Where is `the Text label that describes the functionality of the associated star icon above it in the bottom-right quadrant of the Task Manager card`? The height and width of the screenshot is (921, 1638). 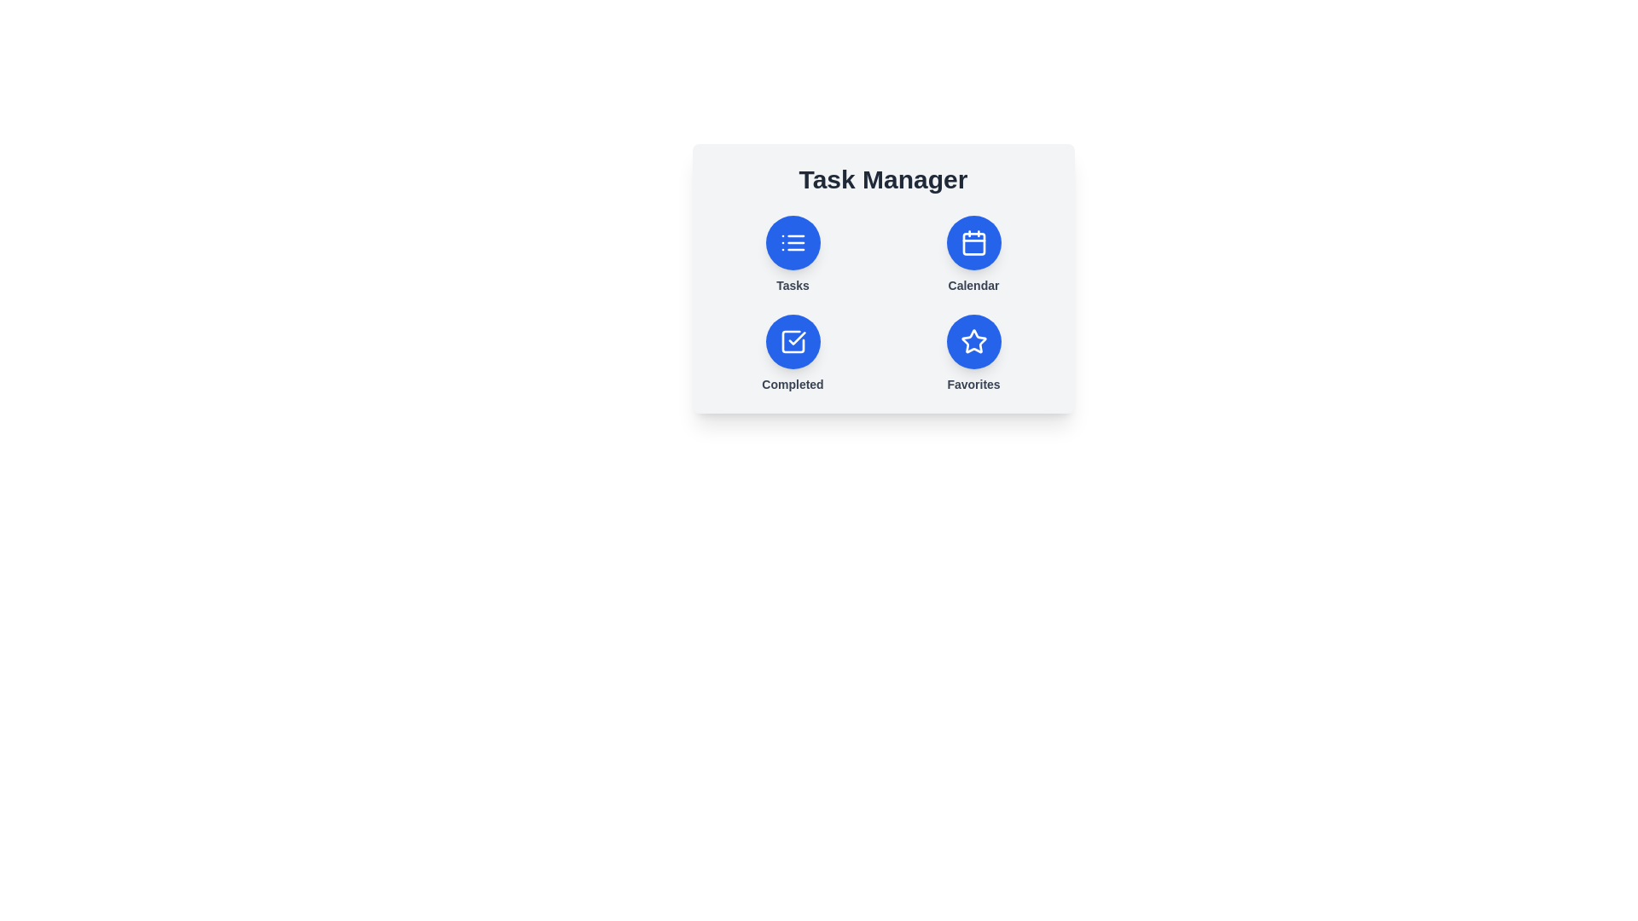
the Text label that describes the functionality of the associated star icon above it in the bottom-right quadrant of the Task Manager card is located at coordinates (973, 385).